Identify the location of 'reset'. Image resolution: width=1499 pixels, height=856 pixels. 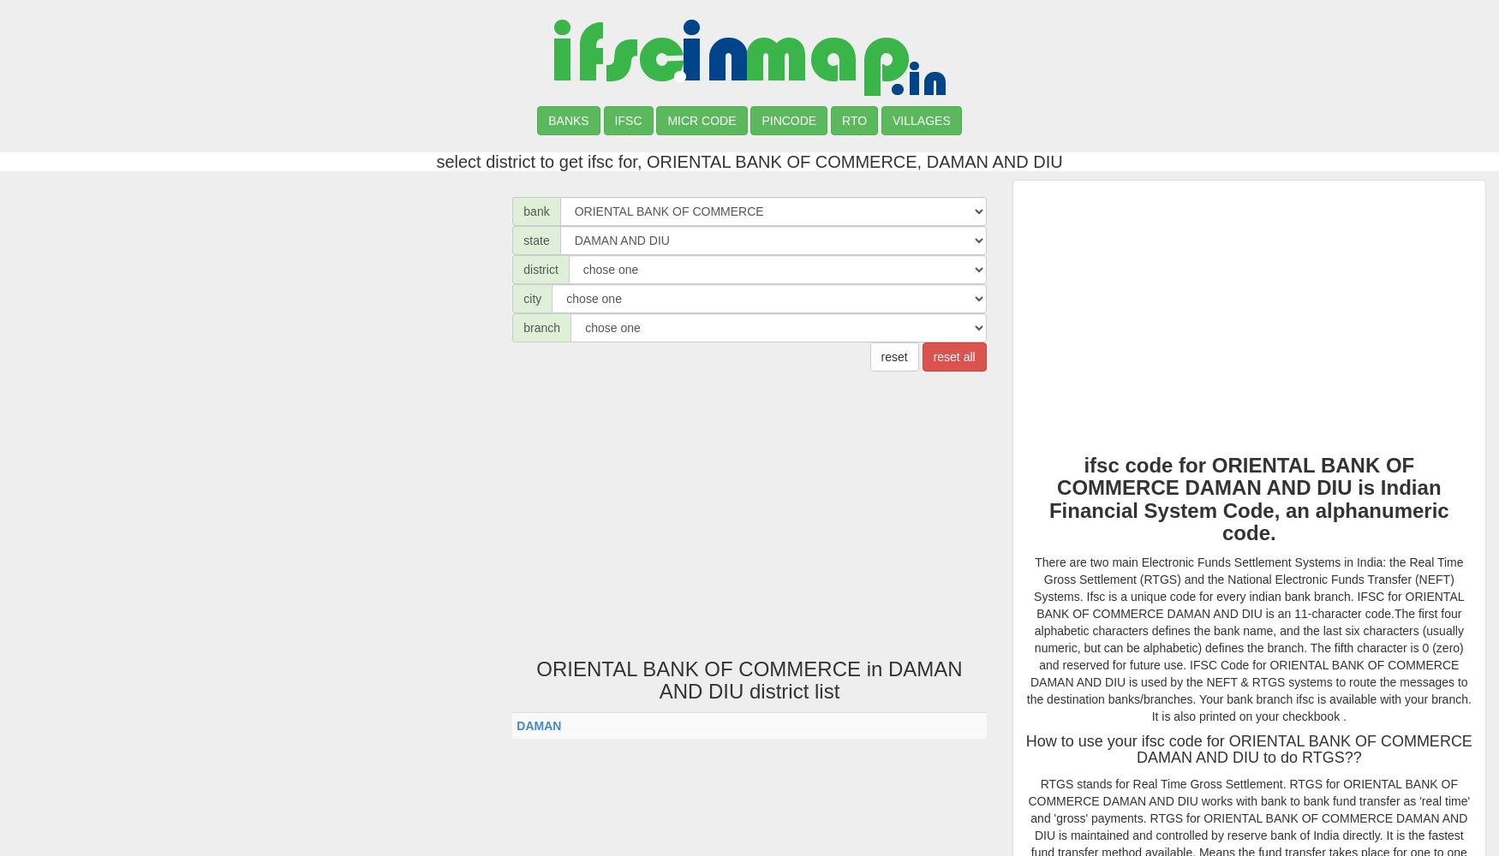
(879, 357).